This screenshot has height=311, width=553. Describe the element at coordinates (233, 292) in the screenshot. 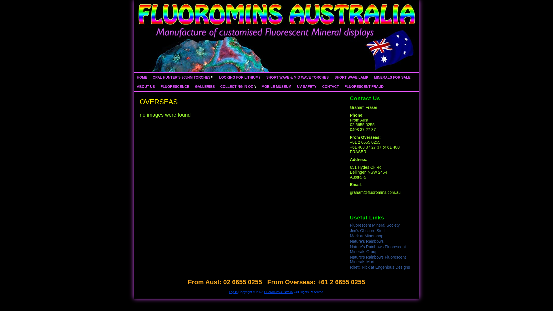

I see `'Log in'` at that location.